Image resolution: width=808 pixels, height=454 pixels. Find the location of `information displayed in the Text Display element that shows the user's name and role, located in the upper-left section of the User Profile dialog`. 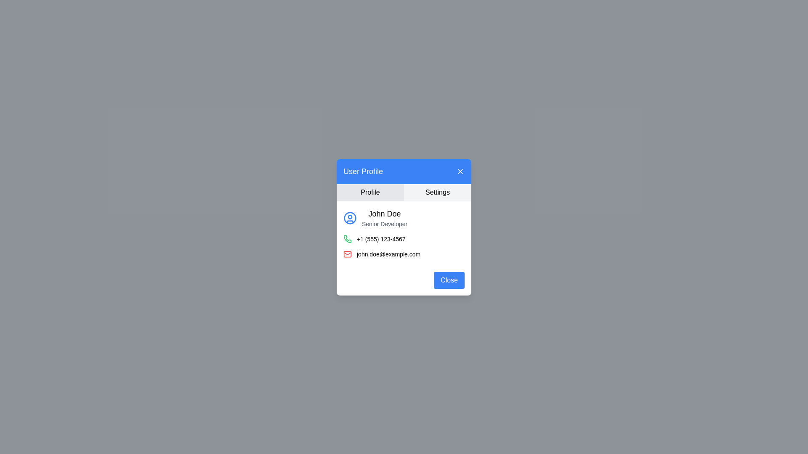

information displayed in the Text Display element that shows the user's name and role, located in the upper-left section of the User Profile dialog is located at coordinates (384, 217).